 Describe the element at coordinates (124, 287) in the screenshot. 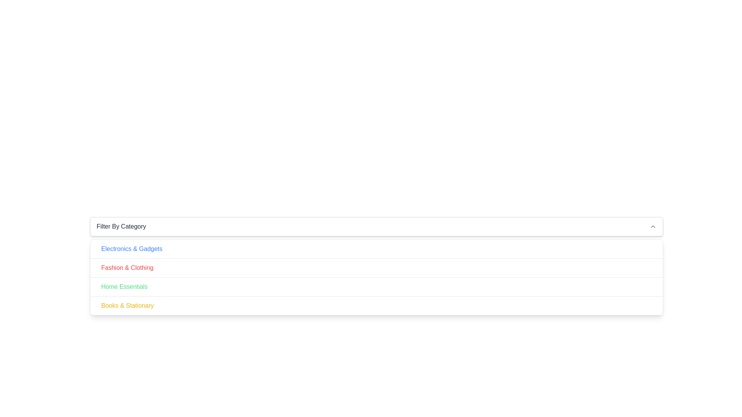

I see `the green-colored text label 'Home Essentials'` at that location.